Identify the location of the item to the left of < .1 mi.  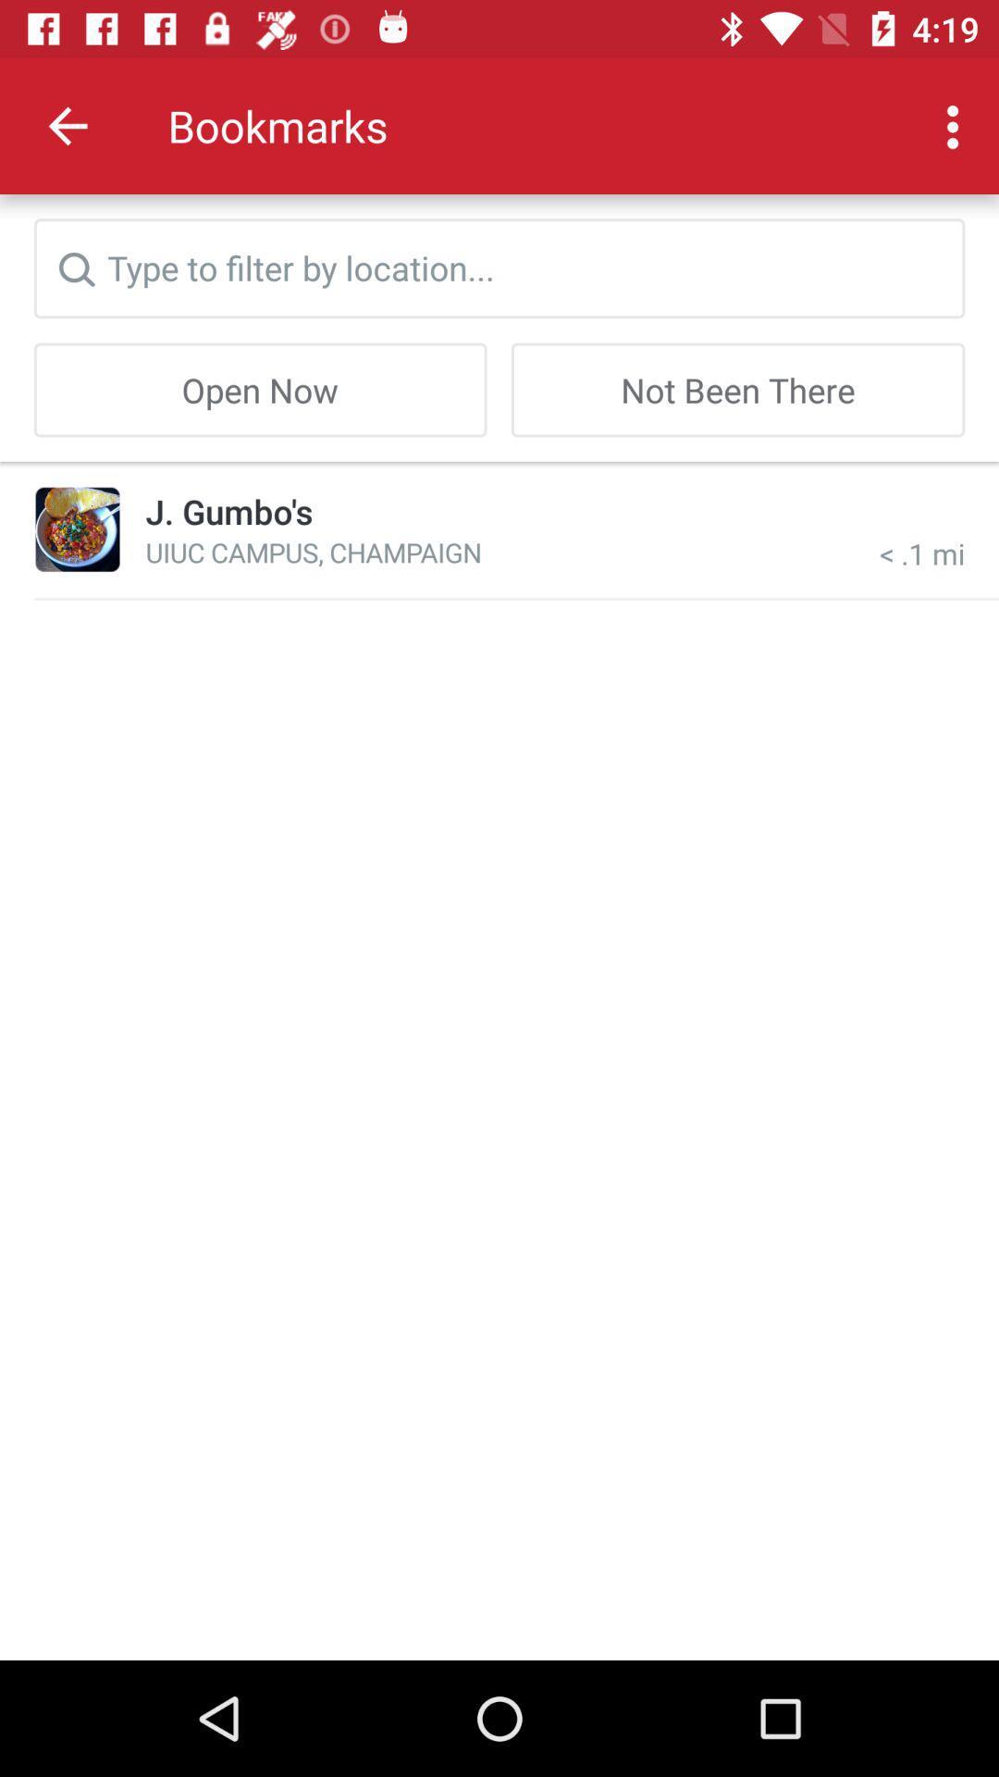
(313, 551).